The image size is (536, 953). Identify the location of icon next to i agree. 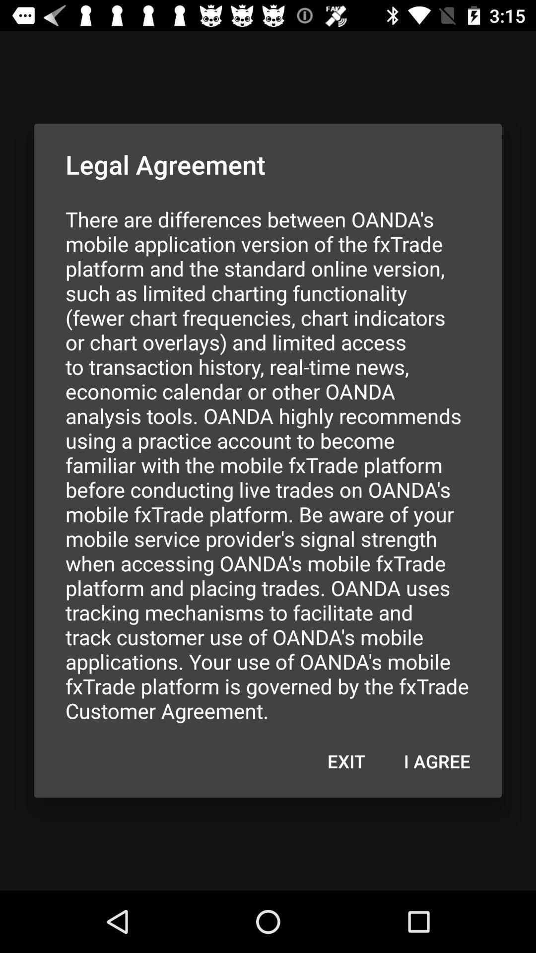
(346, 760).